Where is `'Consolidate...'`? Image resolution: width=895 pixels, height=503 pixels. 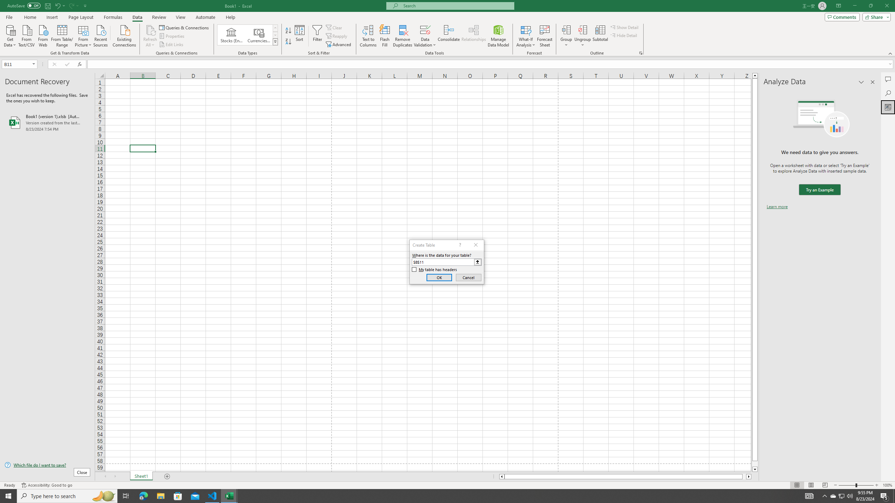
'Consolidate...' is located at coordinates (449, 36).